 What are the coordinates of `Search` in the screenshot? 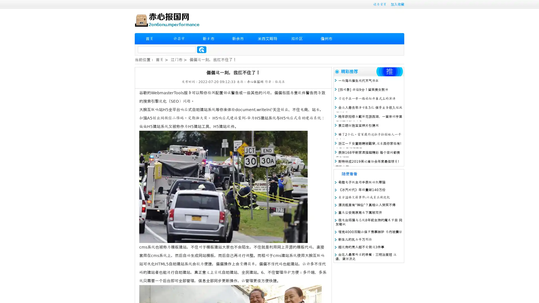 It's located at (202, 49).